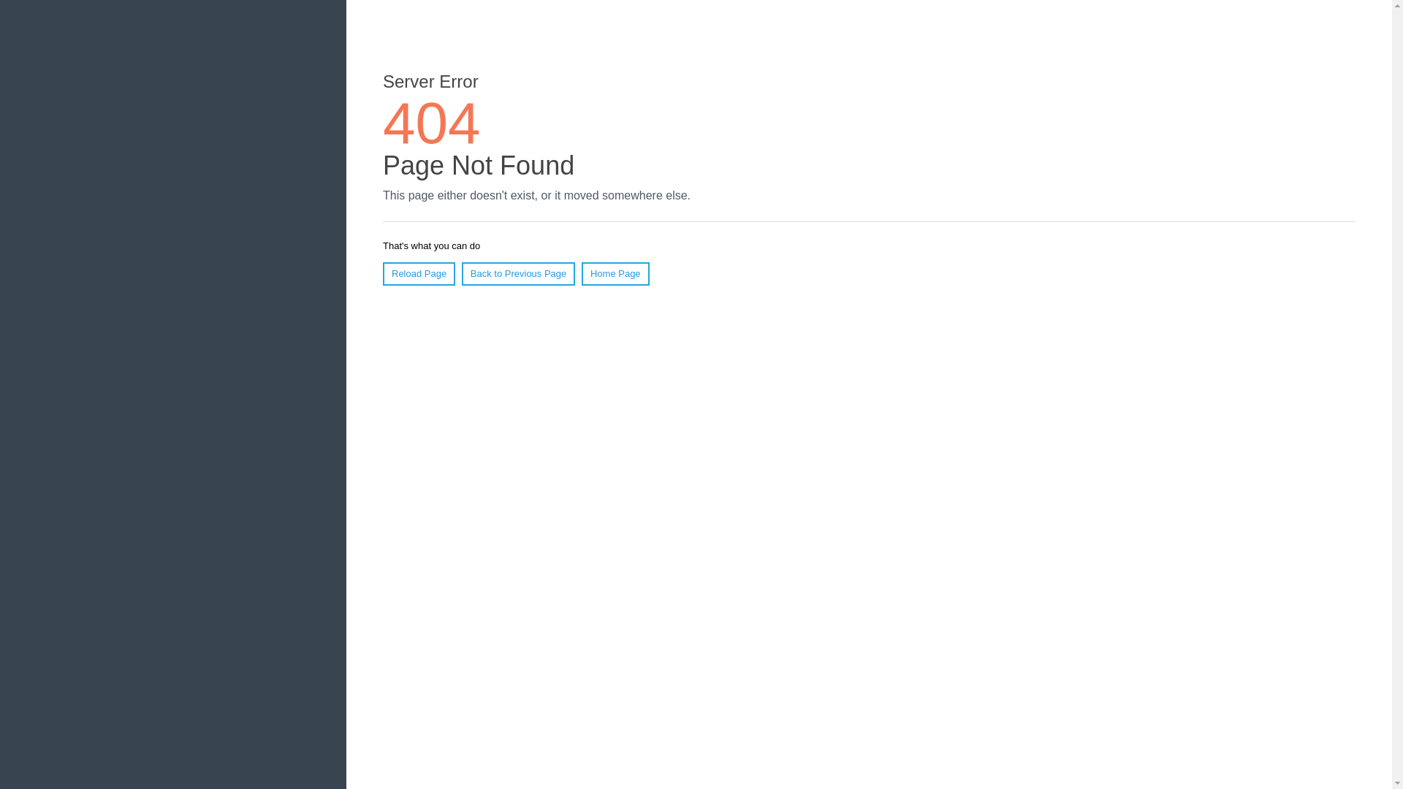 The height and width of the screenshot is (789, 1403). What do you see at coordinates (418, 273) in the screenshot?
I see `'Reload Page'` at bounding box center [418, 273].